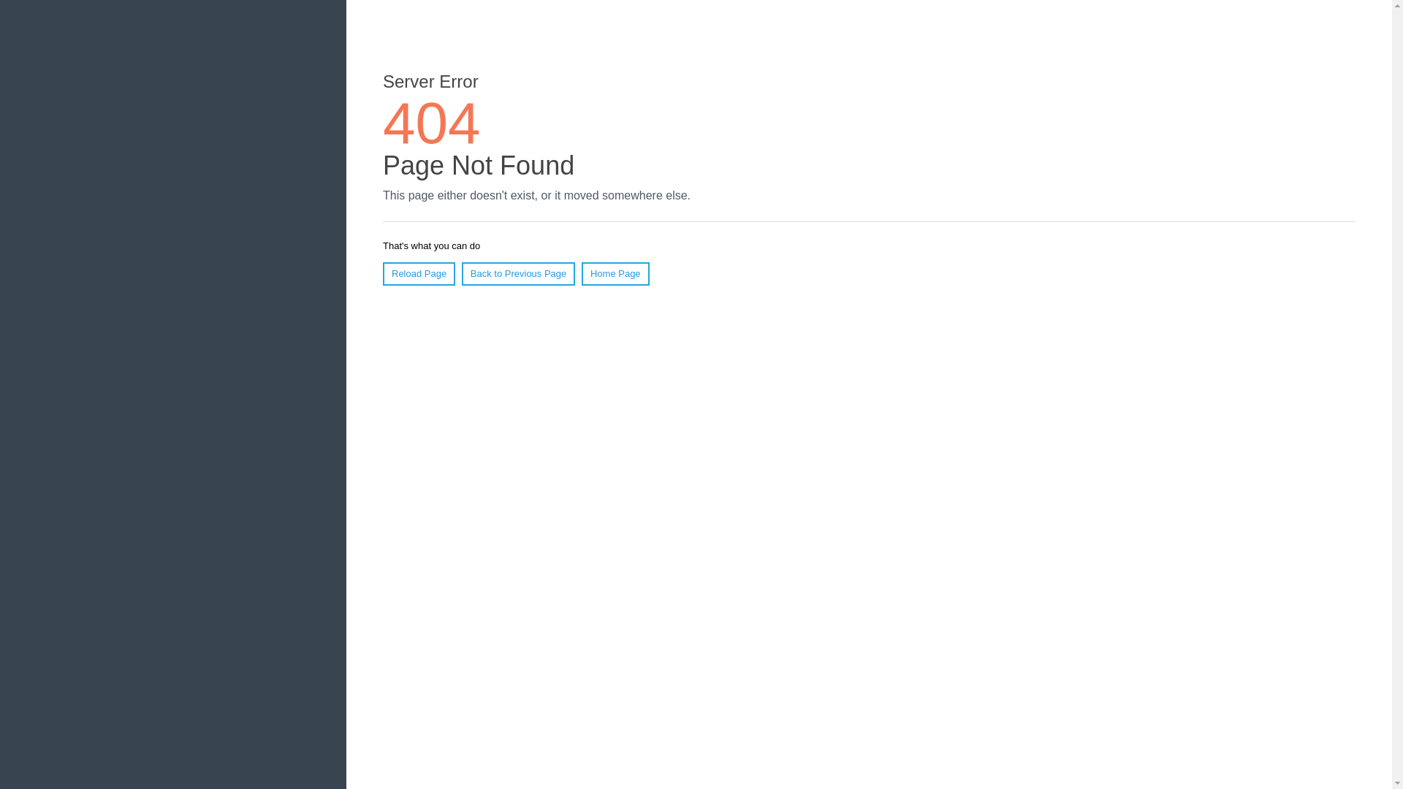 The height and width of the screenshot is (789, 1403). What do you see at coordinates (418, 273) in the screenshot?
I see `'Reload Page'` at bounding box center [418, 273].